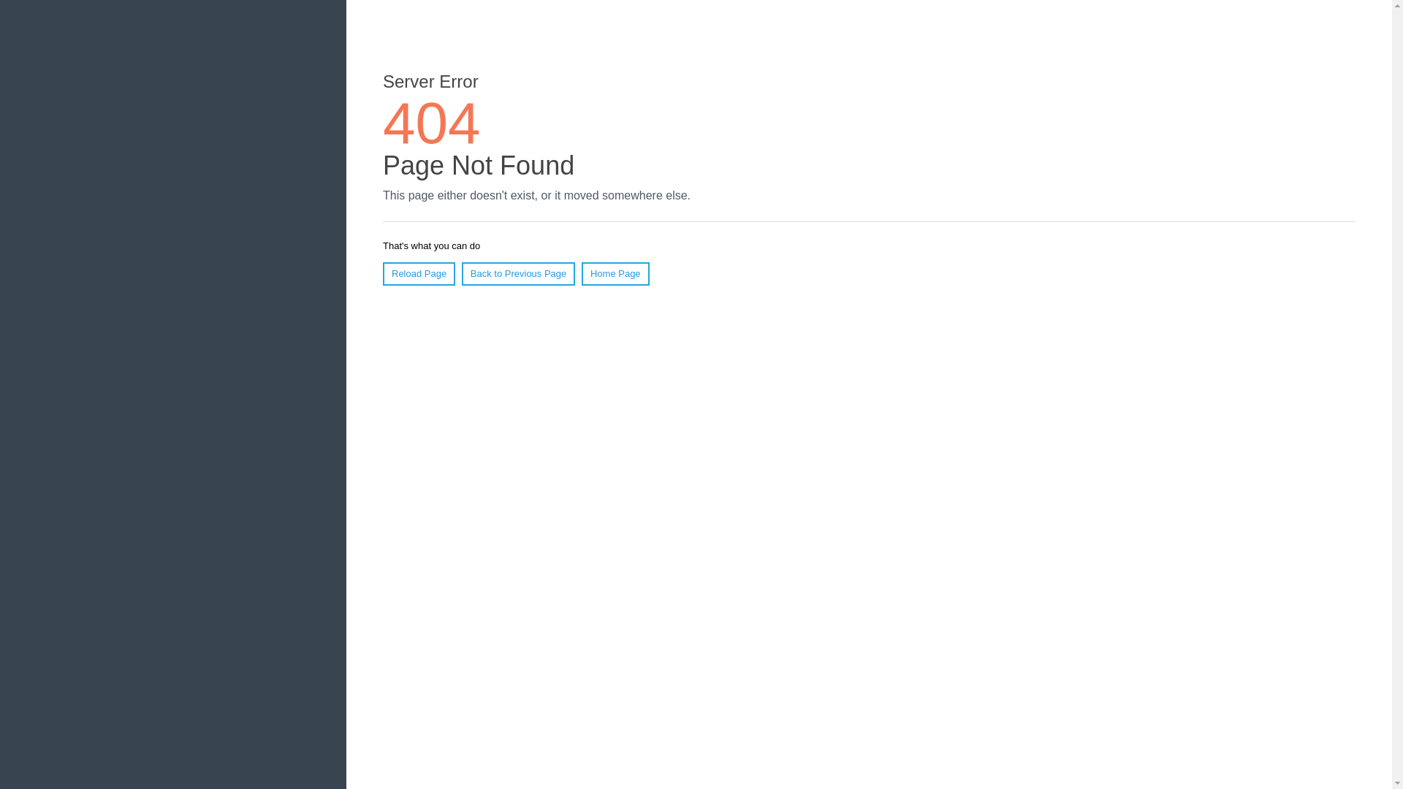 The height and width of the screenshot is (789, 1403). What do you see at coordinates (418, 273) in the screenshot?
I see `'Reload Page'` at bounding box center [418, 273].